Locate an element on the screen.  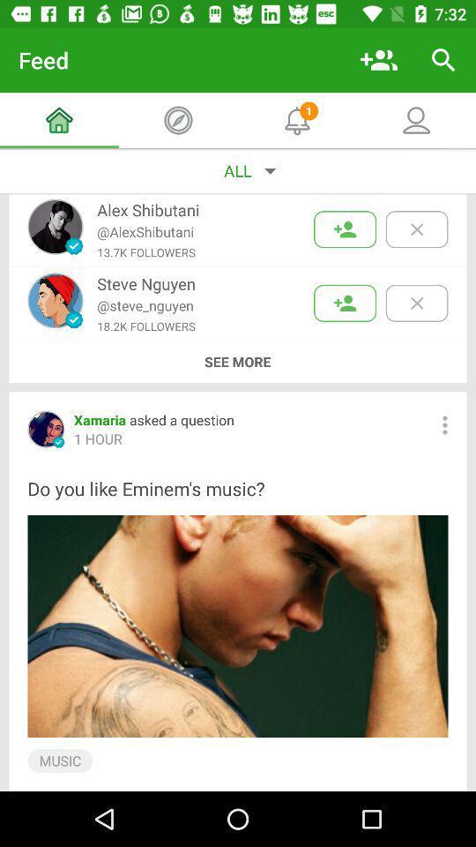
dismiss suggestion is located at coordinates (416, 303).